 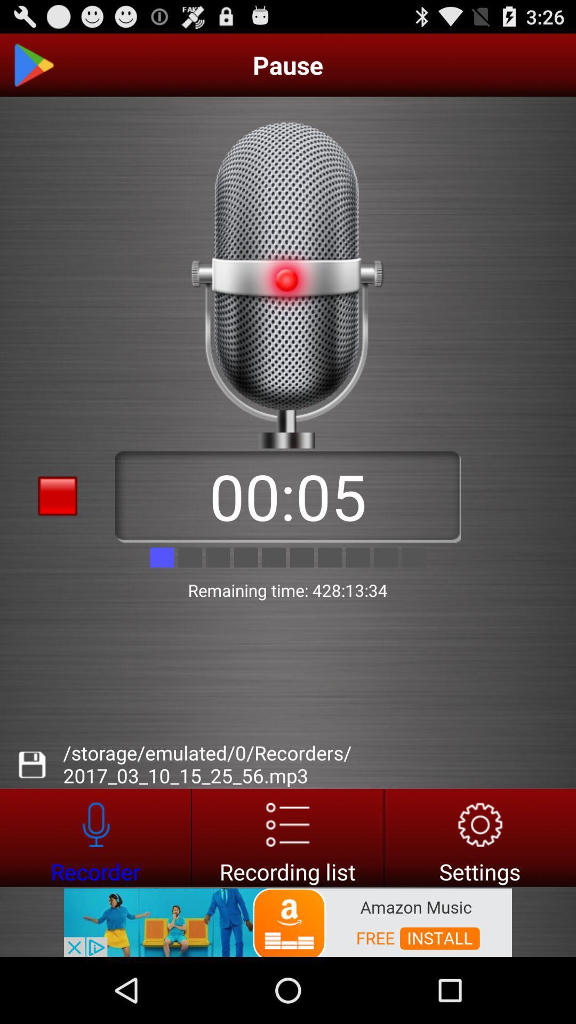 I want to click on the advertisement, so click(x=288, y=921).